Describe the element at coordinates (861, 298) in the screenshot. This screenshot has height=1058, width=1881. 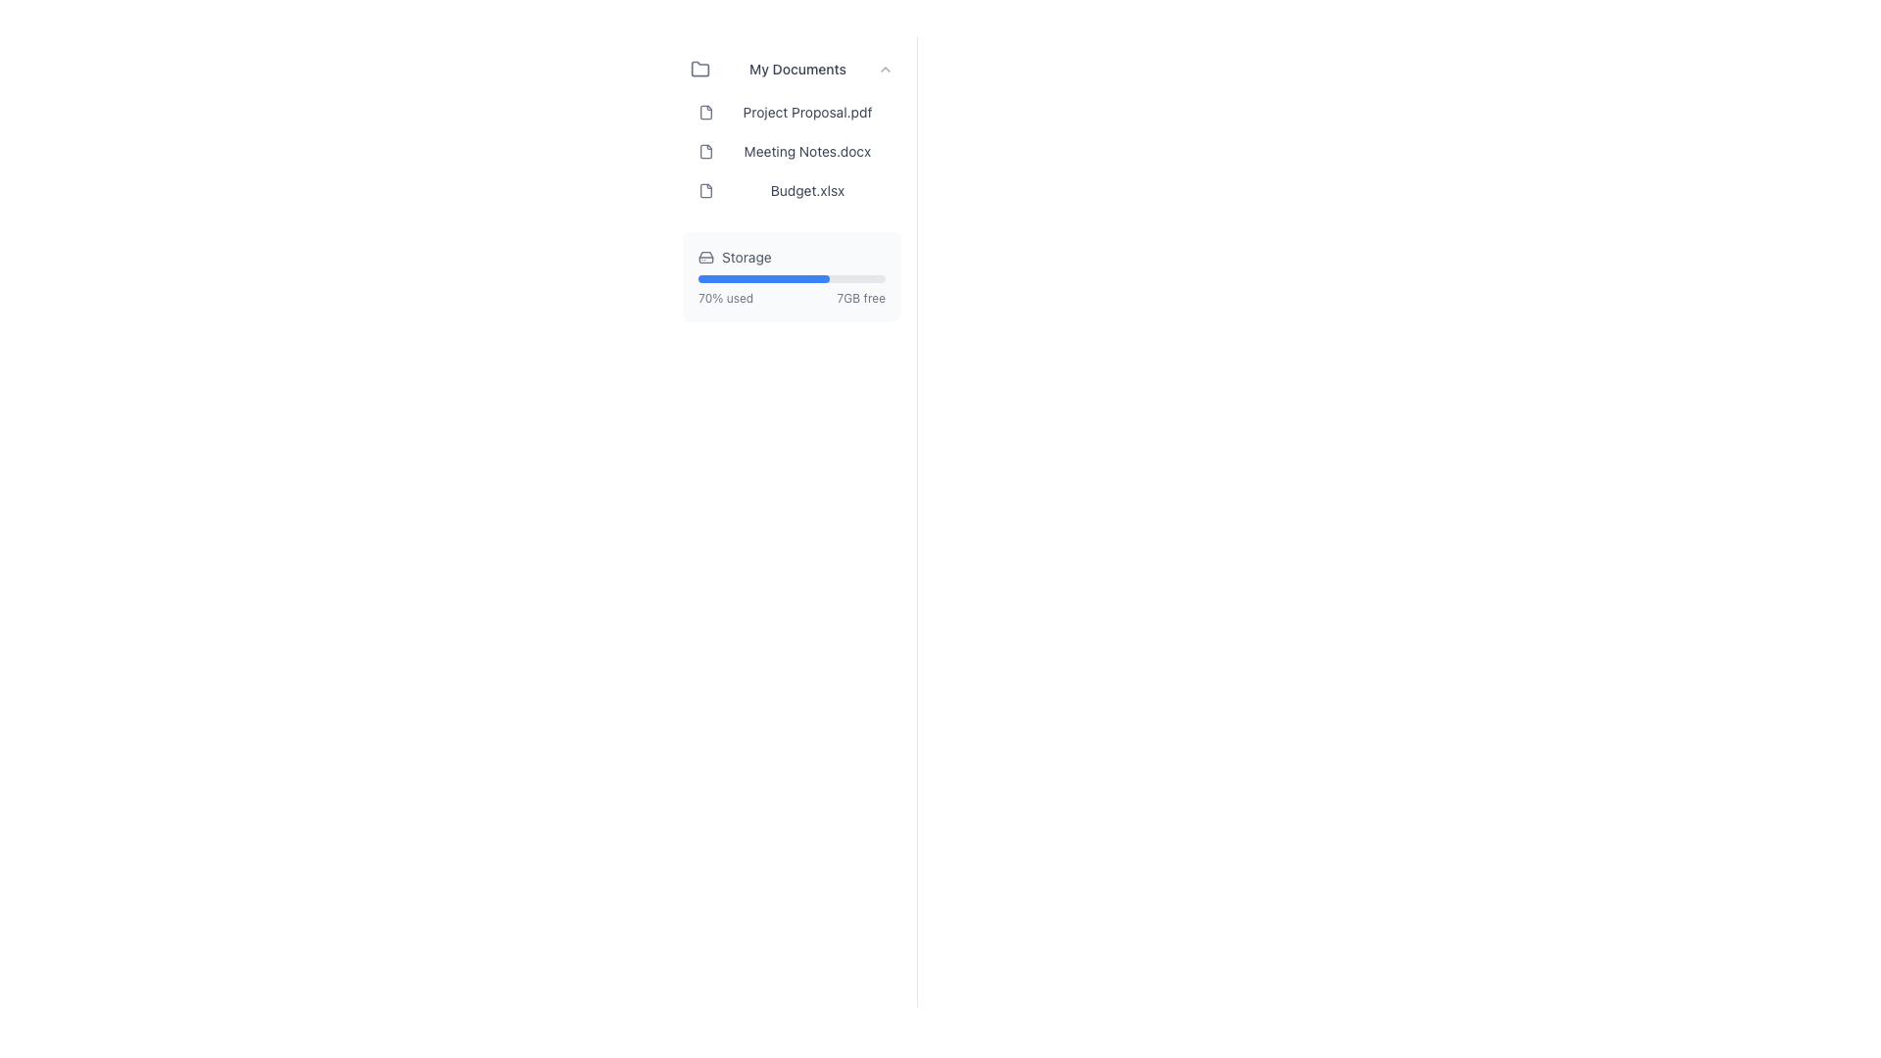
I see `the informational text label displaying '7GB free', located to the right of the '70% used' label in the bottom-right corner of the Storage section` at that location.